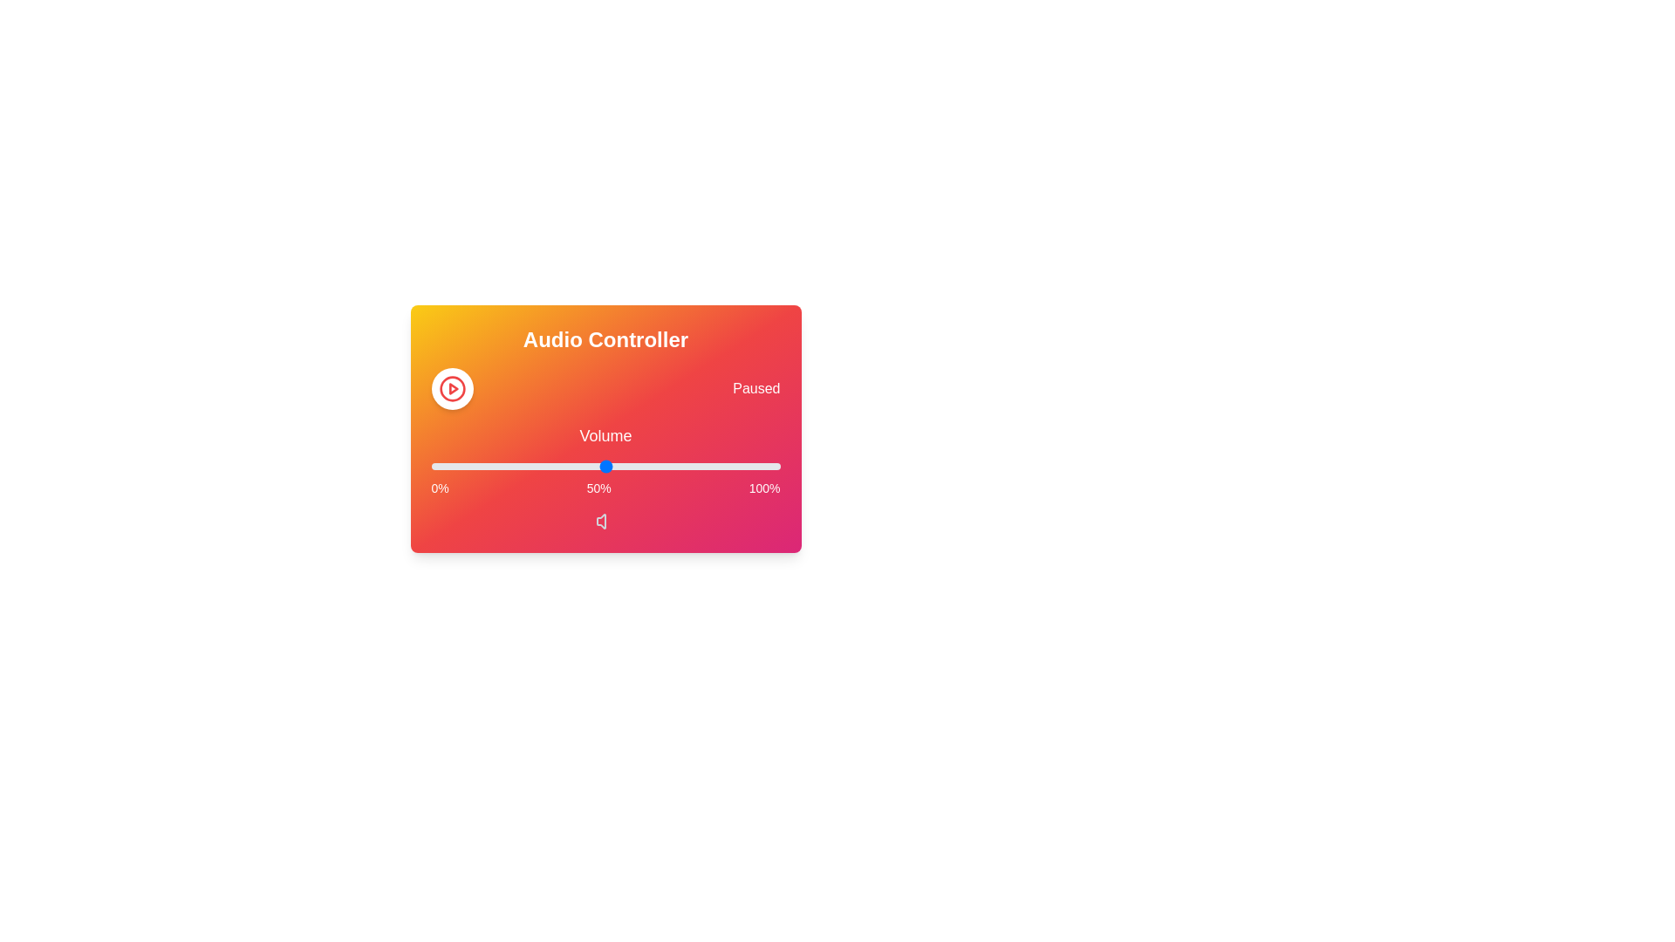  What do you see at coordinates (462, 466) in the screenshot?
I see `the volume slider to 9%` at bounding box center [462, 466].